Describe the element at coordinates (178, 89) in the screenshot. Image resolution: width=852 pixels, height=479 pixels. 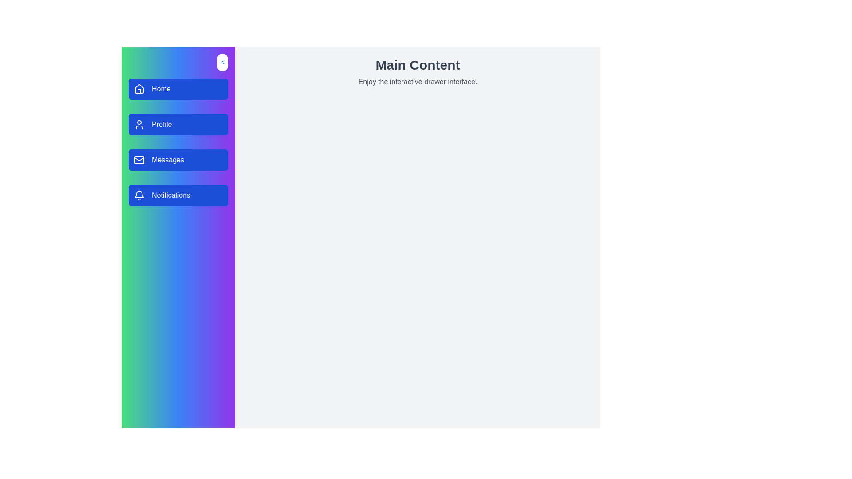
I see `the first button in the vertical list on the left sidebar` at that location.